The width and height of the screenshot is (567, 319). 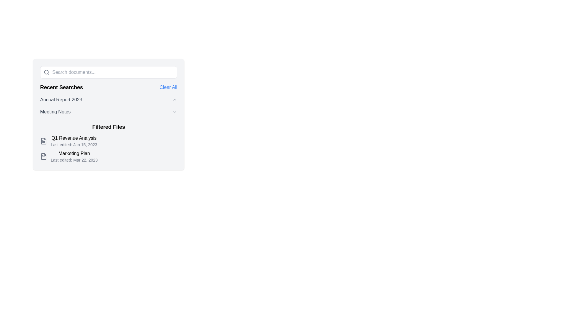 I want to click on the text block displaying 'Q1 Revenue Analysis' and 'Last edited: Jan 15, 2023', located at the top of the 'Filtered Files' list, so click(x=74, y=141).